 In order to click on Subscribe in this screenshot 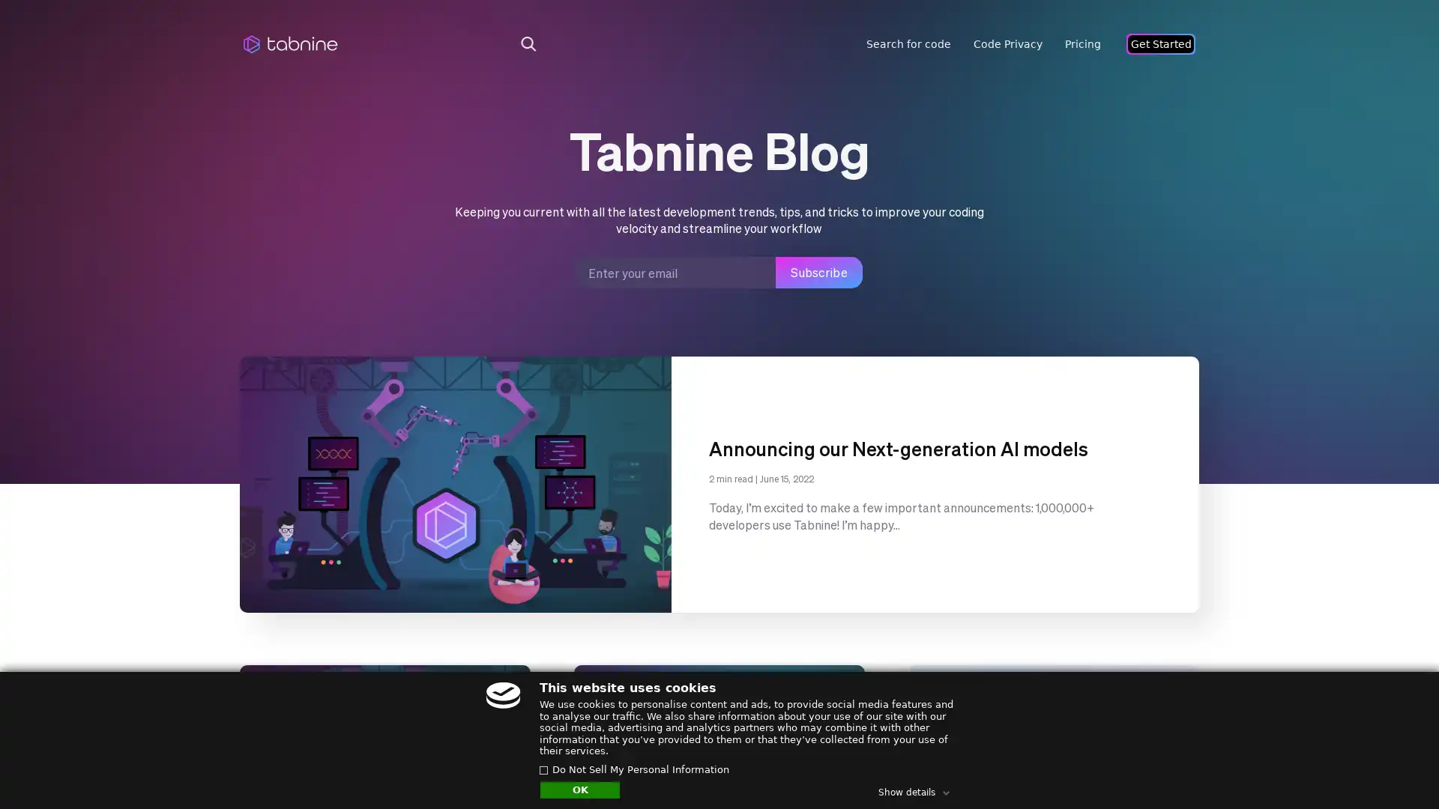, I will do `click(818, 272)`.